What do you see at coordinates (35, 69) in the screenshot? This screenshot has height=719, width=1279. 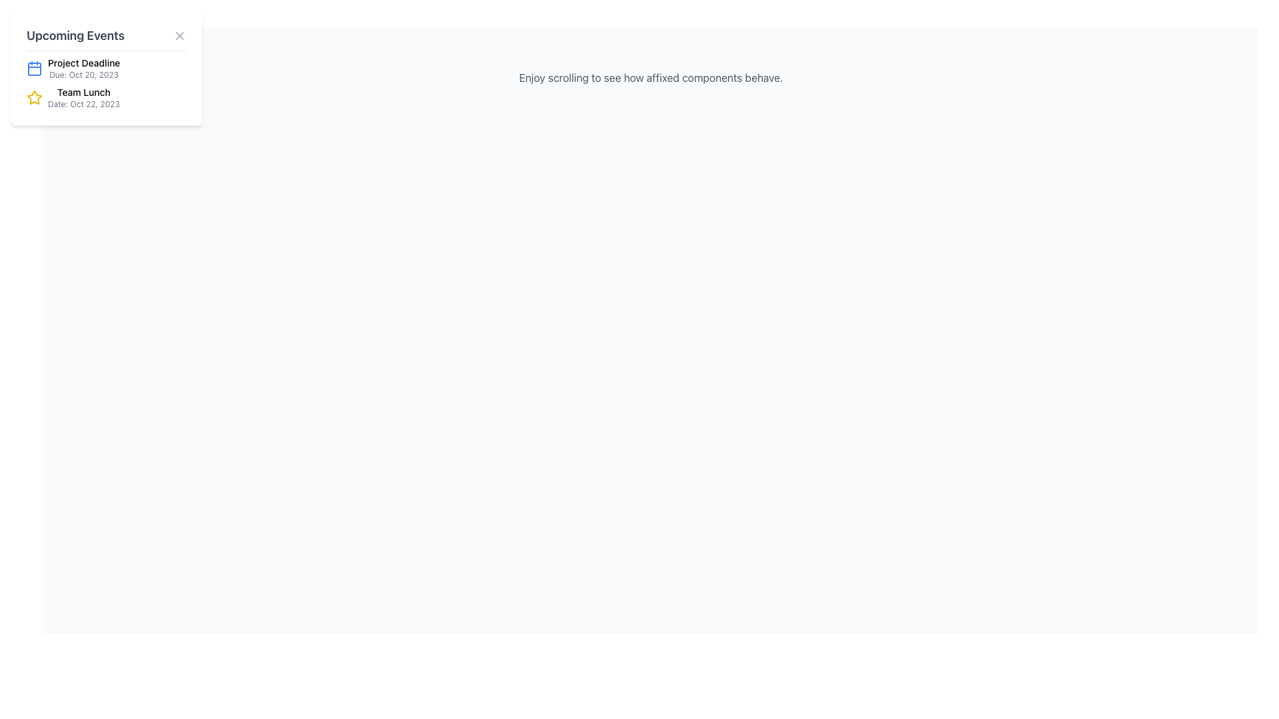 I see `the calendar icon located next to 'Project Deadline'` at bounding box center [35, 69].